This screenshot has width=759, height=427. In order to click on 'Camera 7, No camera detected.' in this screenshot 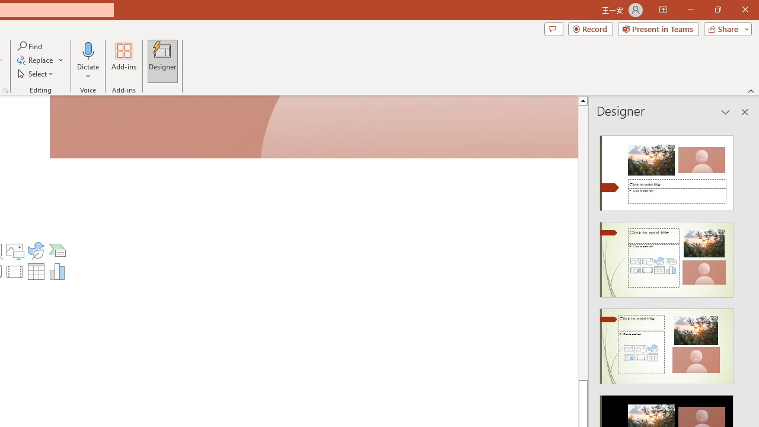, I will do `click(314, 128)`.